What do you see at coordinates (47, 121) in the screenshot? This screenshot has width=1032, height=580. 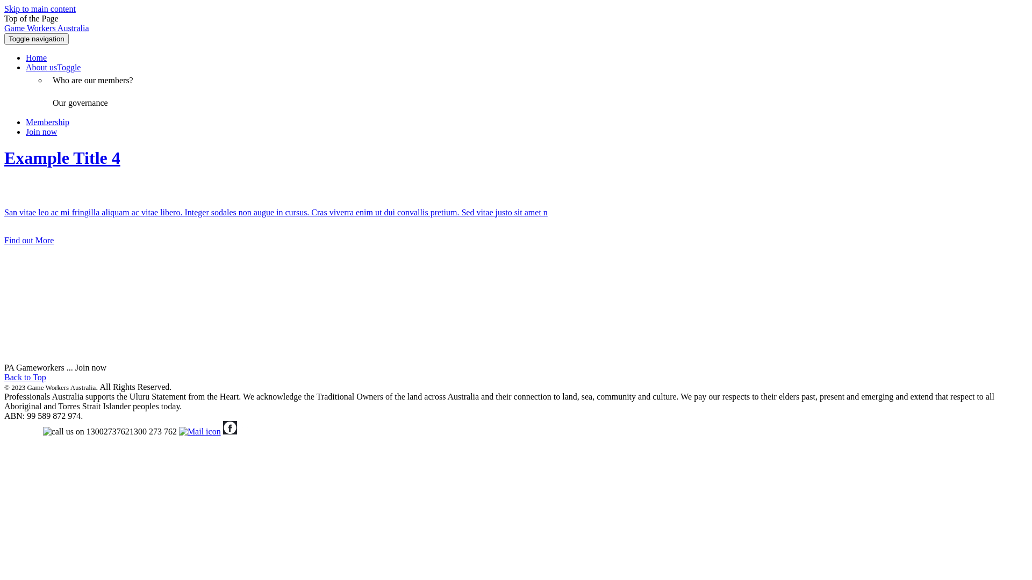 I see `'Membership'` at bounding box center [47, 121].